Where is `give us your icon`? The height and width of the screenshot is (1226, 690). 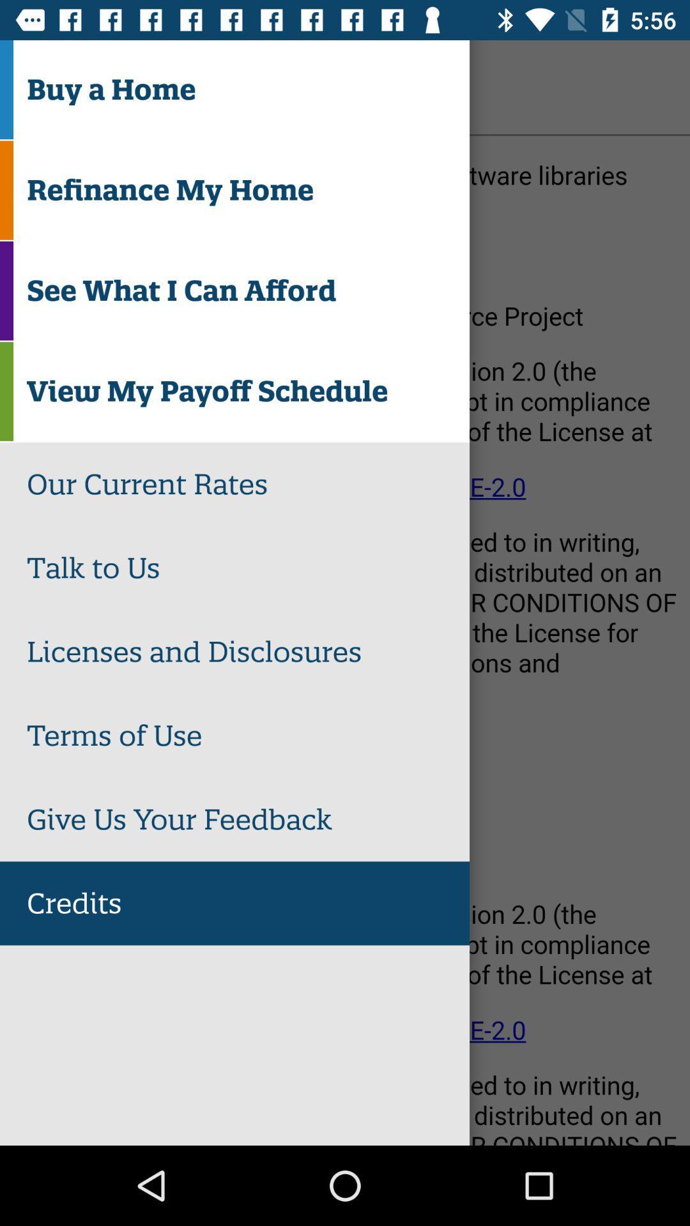
give us your icon is located at coordinates (248, 819).